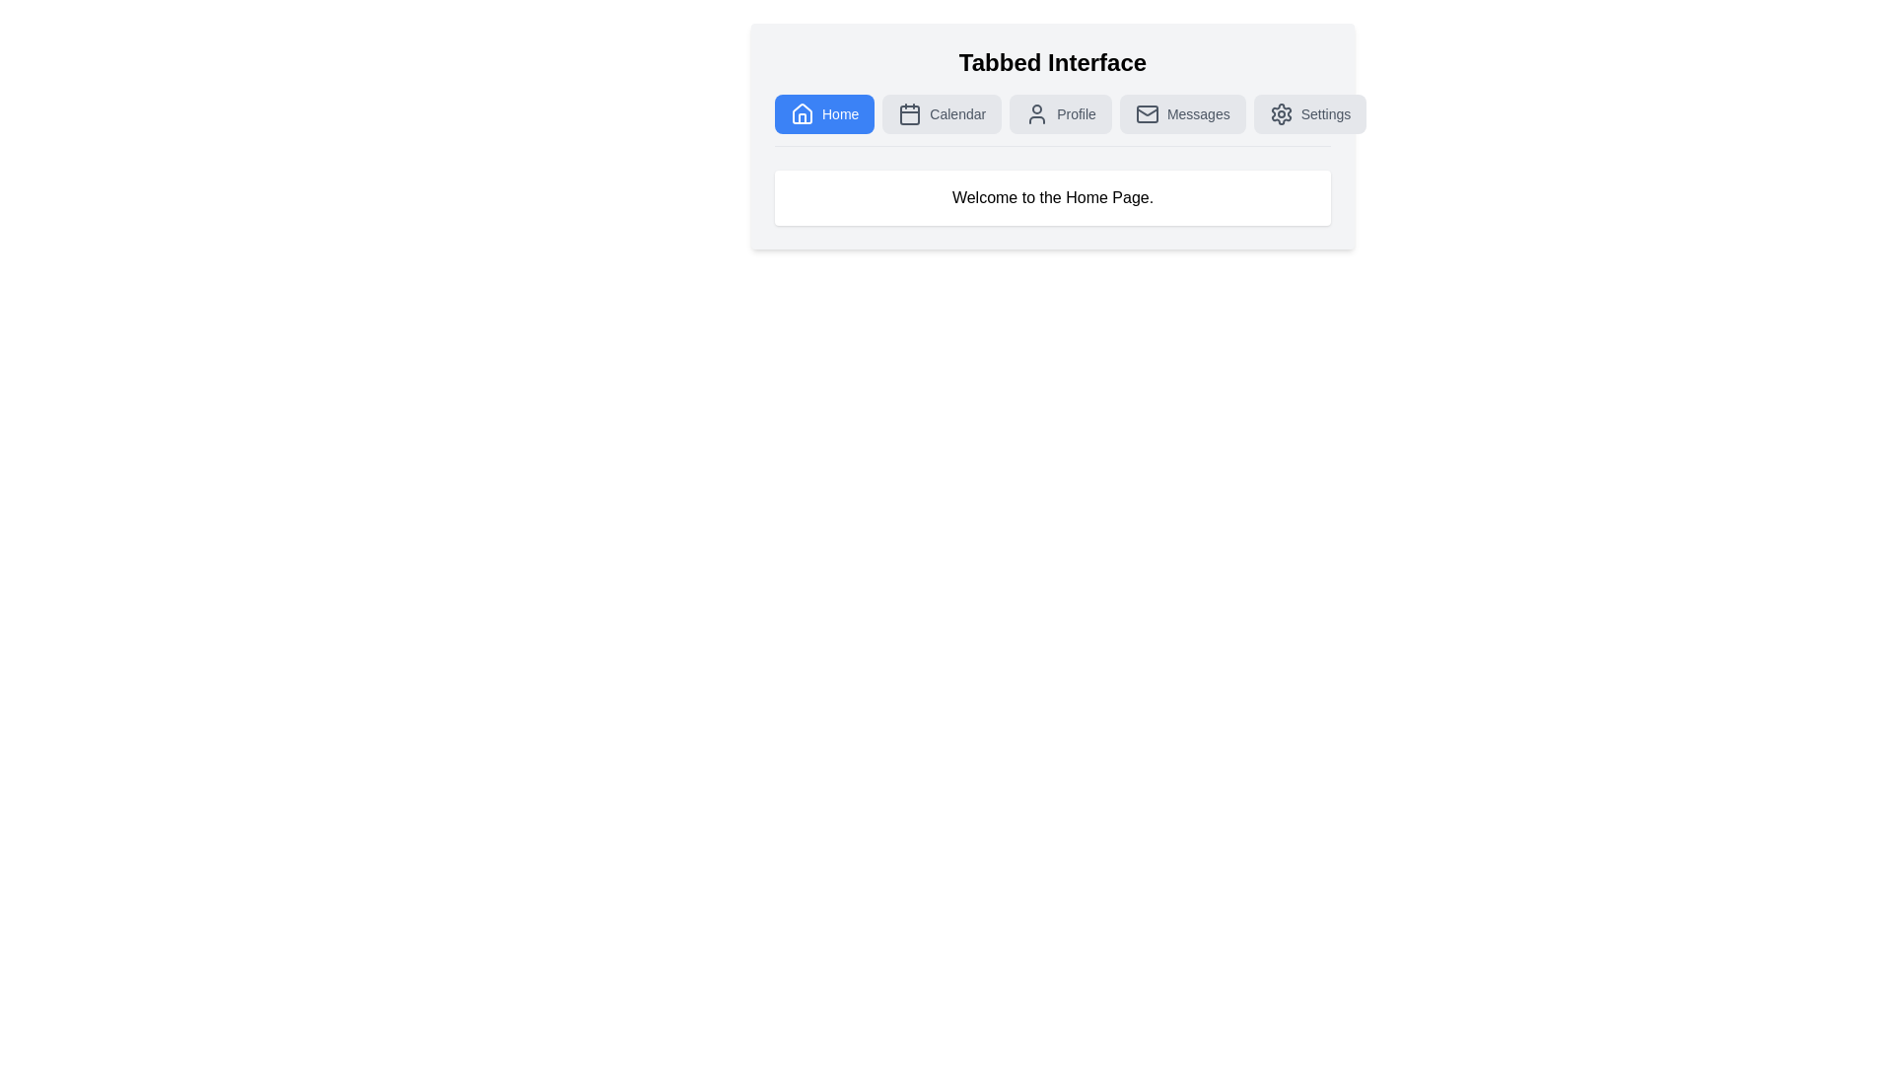 This screenshot has width=1893, height=1065. I want to click on the tabs in the Tab navigation interface, which includes 'Home', 'Calendar', 'Profile', 'Messages', and 'Settings', so click(1052, 135).